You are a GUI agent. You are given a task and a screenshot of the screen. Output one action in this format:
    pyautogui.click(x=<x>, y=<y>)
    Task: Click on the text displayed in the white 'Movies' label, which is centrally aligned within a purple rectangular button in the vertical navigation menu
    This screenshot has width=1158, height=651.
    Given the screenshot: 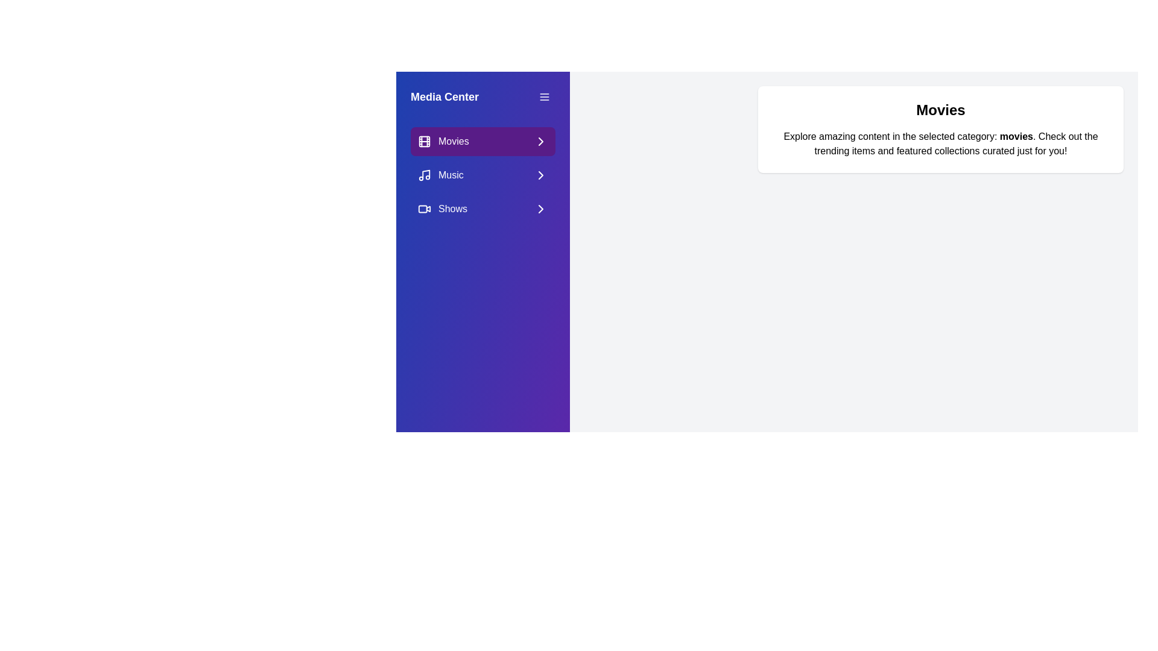 What is the action you would take?
    pyautogui.click(x=453, y=141)
    